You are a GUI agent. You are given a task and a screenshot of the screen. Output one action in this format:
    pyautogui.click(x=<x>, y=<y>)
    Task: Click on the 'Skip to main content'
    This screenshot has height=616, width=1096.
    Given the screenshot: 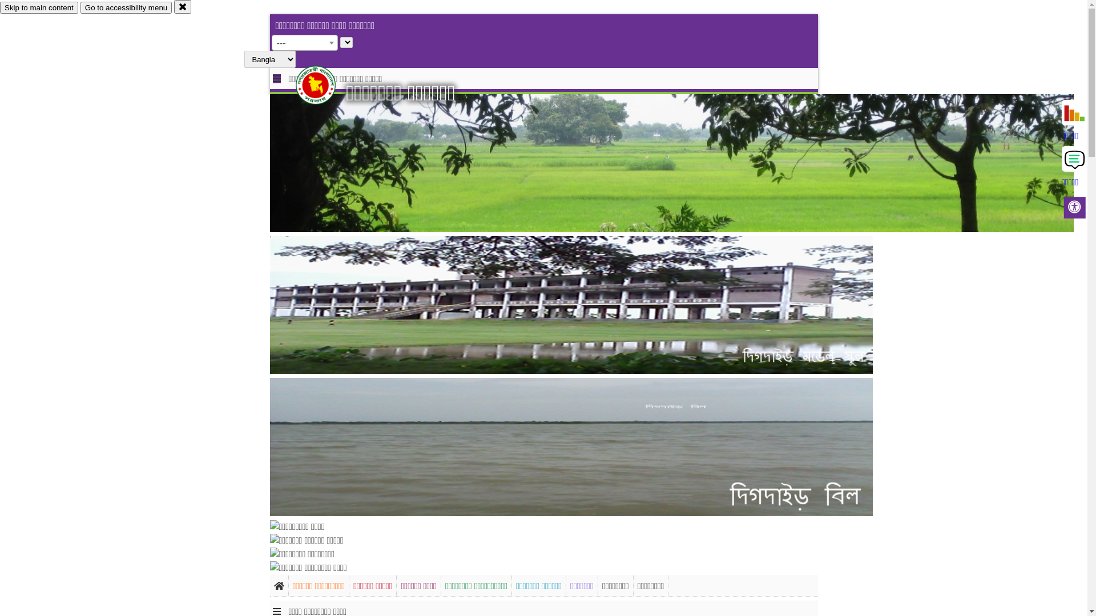 What is the action you would take?
    pyautogui.click(x=39, y=7)
    